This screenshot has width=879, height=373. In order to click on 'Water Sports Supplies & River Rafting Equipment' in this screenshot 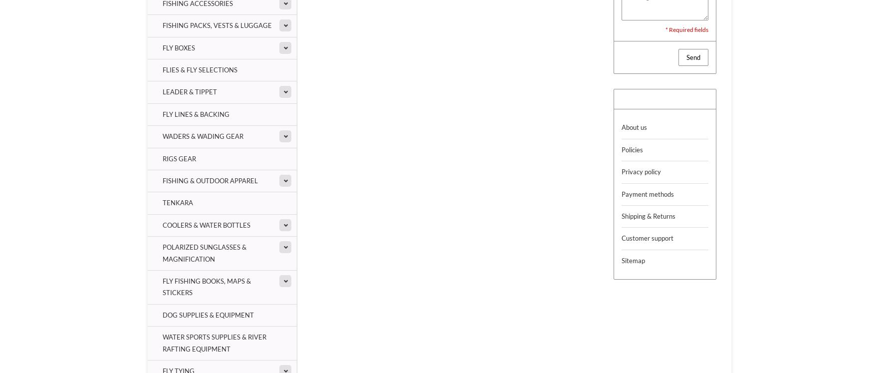, I will do `click(214, 343)`.